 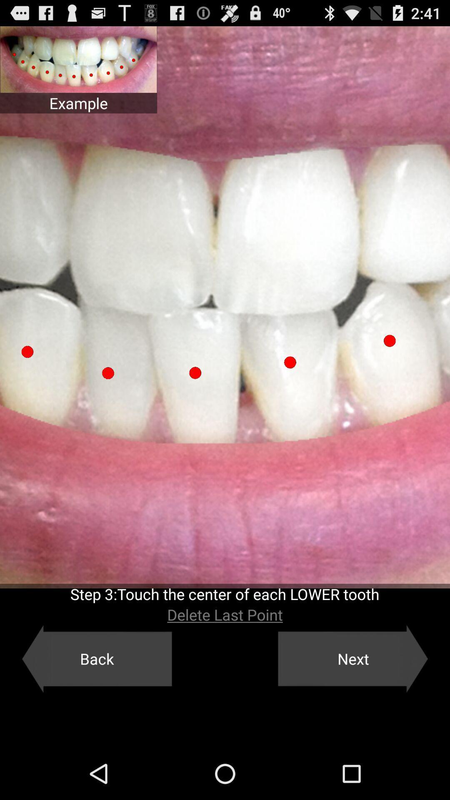 I want to click on the back icon, so click(x=96, y=658).